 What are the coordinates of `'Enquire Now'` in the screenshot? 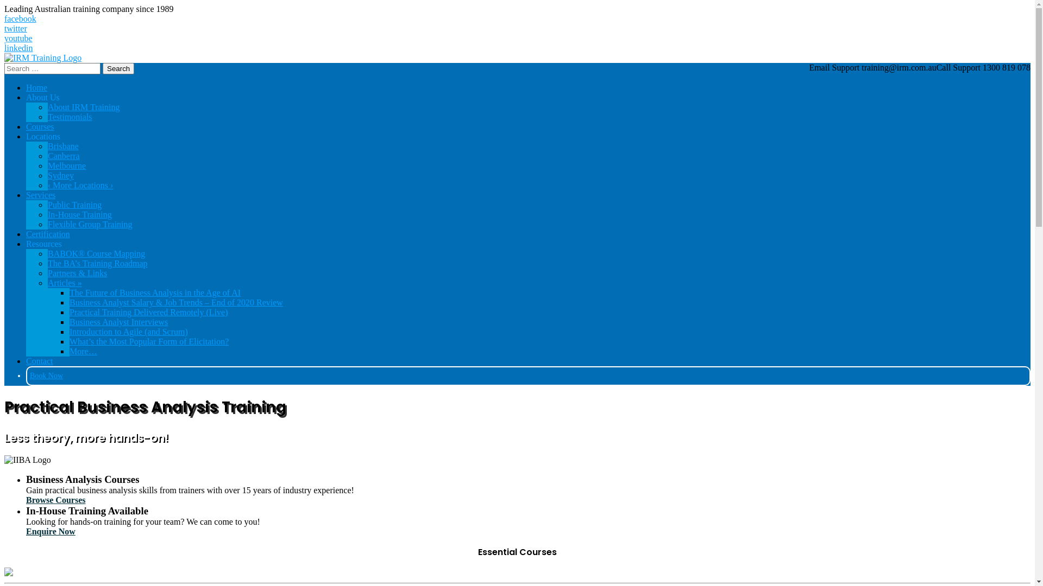 It's located at (50, 531).